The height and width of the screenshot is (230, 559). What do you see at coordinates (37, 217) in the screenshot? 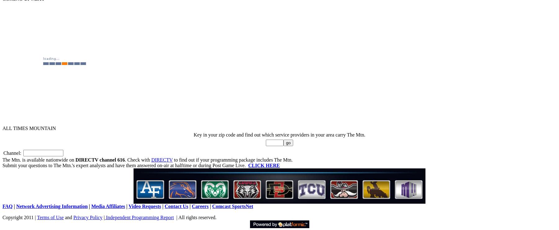
I see `'Terms of Use'` at bounding box center [37, 217].